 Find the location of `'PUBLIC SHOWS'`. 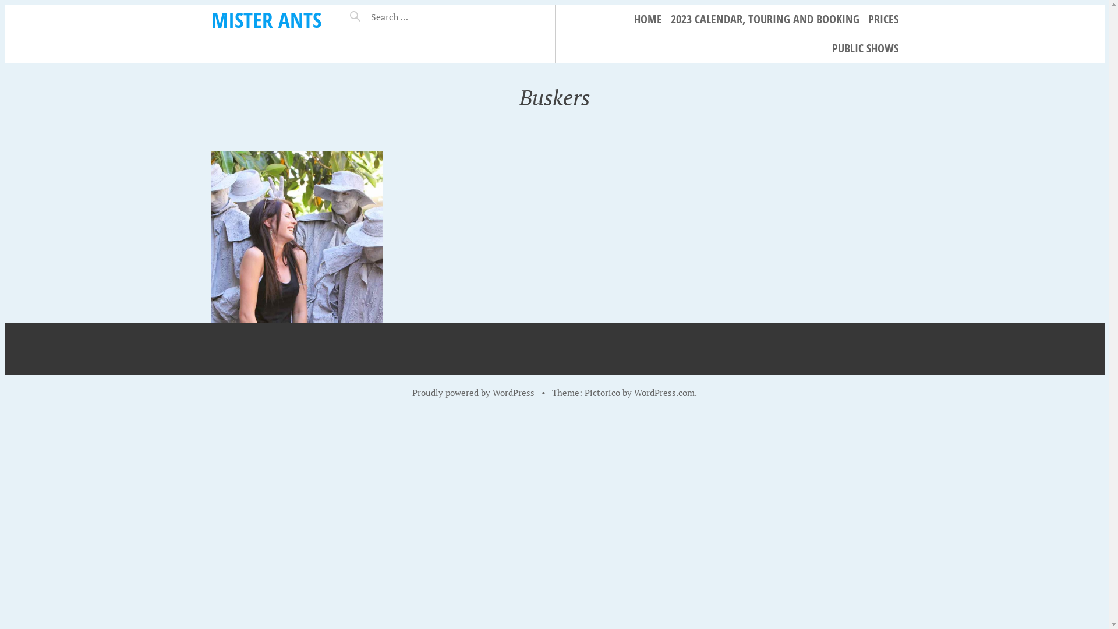

'PUBLIC SHOWS' is located at coordinates (864, 48).